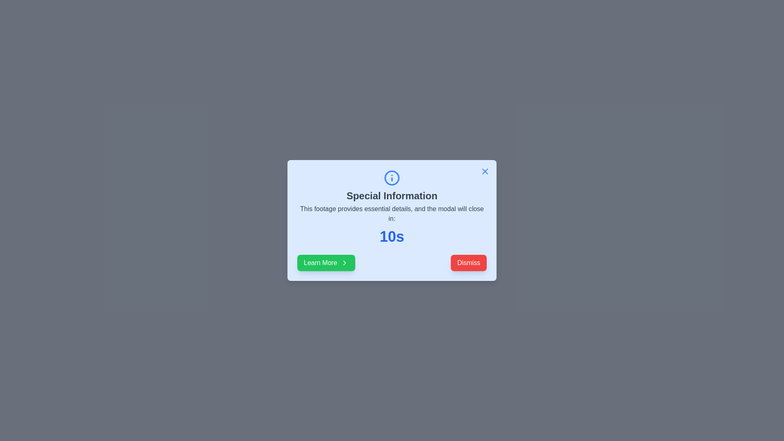  Describe the element at coordinates (392, 214) in the screenshot. I see `information from the second text block within the modal dialog, located below the title 'Special Information' and above the countdown '10s'` at that location.